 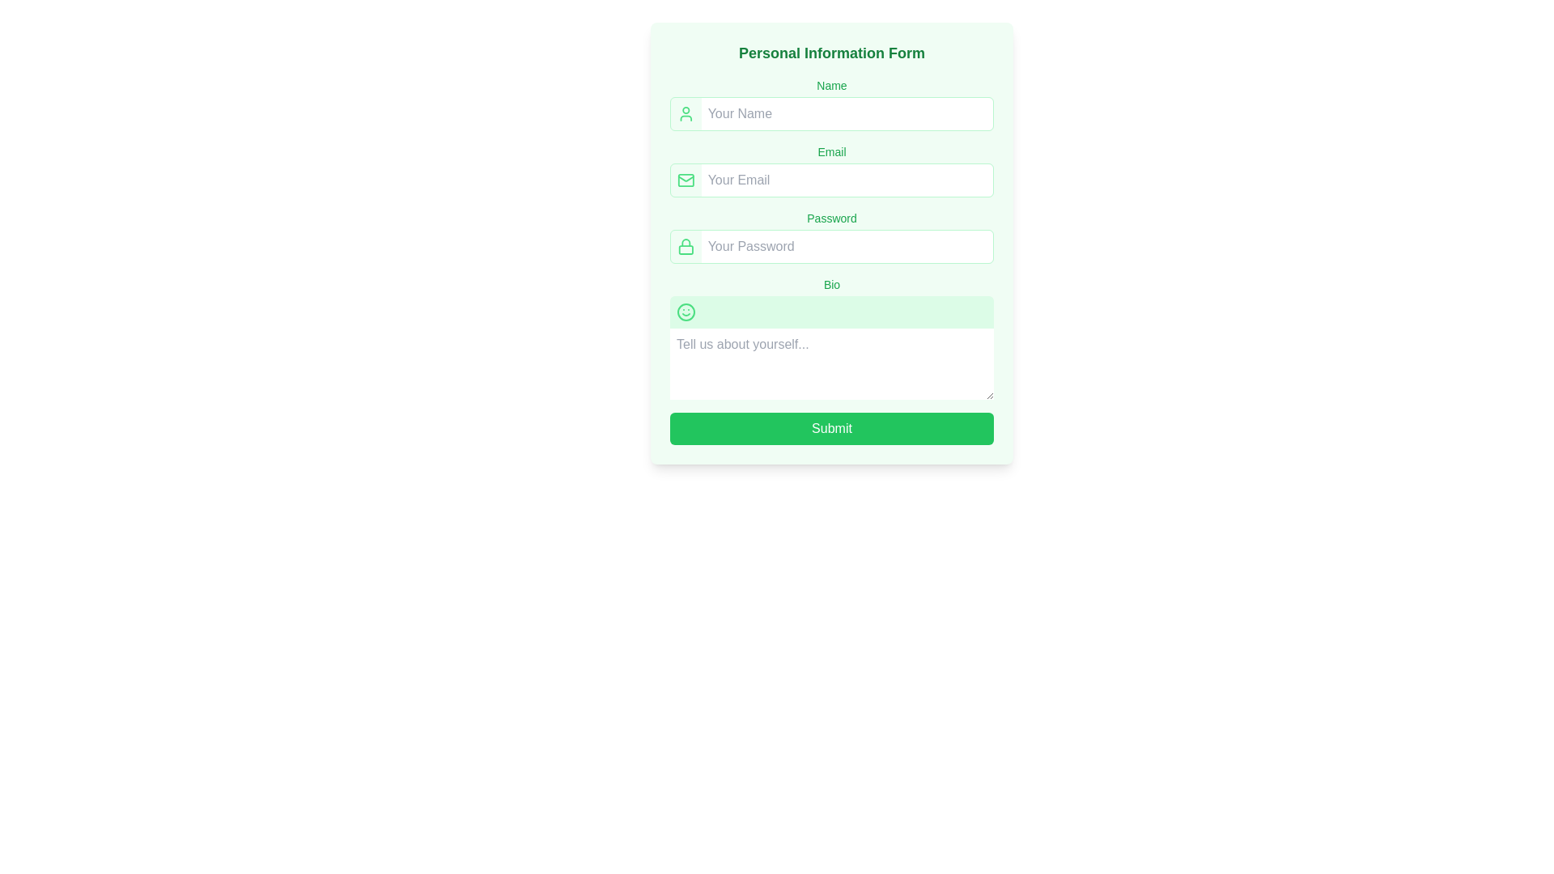 I want to click on the green rectangular icon element that is part of the composite email icon located inside the email input field's icon section, so click(x=686, y=180).